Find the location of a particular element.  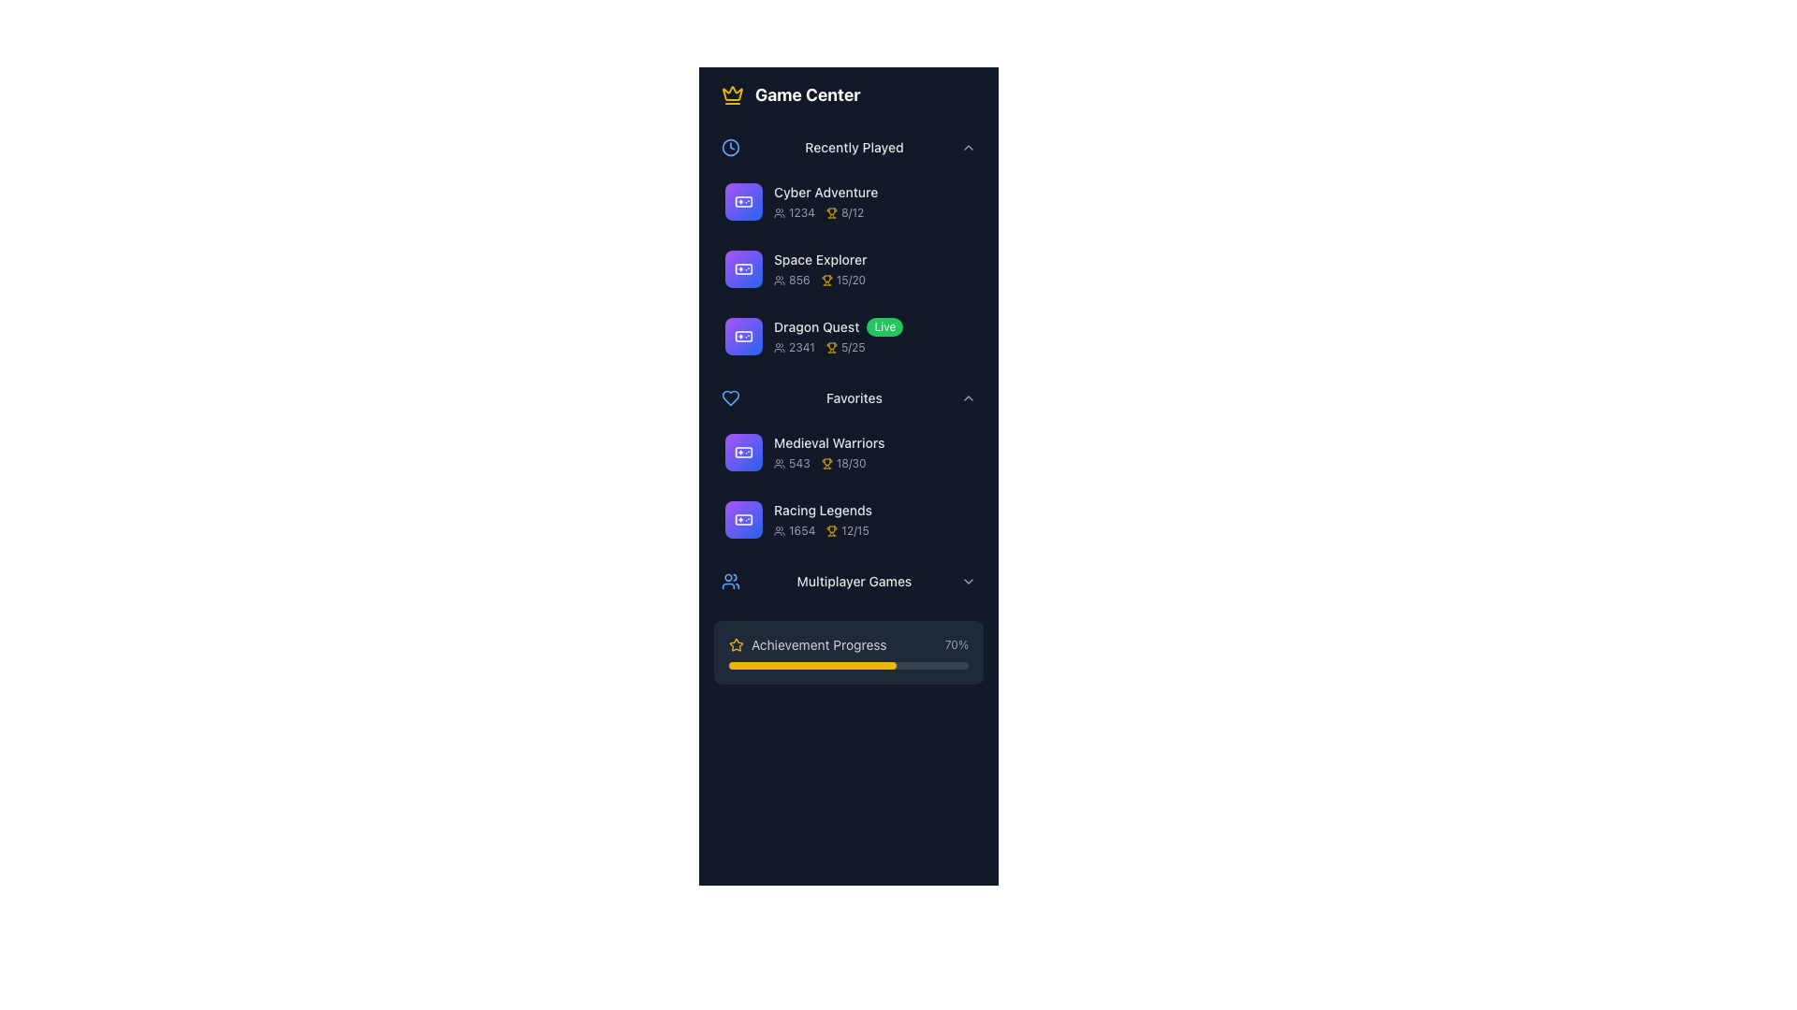

the second list item under the 'Favorites' section that displays details about the game 'Racing Legends' is located at coordinates (871, 519).